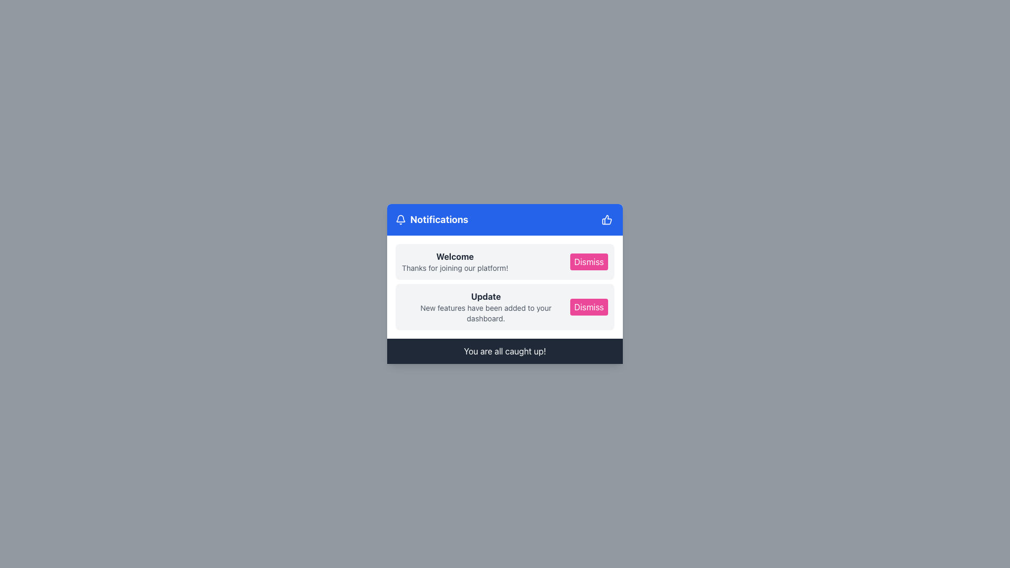  Describe the element at coordinates (607, 219) in the screenshot. I see `the thumbs-up icon button located in the top-right corner of the notification panel to approve or like something` at that location.